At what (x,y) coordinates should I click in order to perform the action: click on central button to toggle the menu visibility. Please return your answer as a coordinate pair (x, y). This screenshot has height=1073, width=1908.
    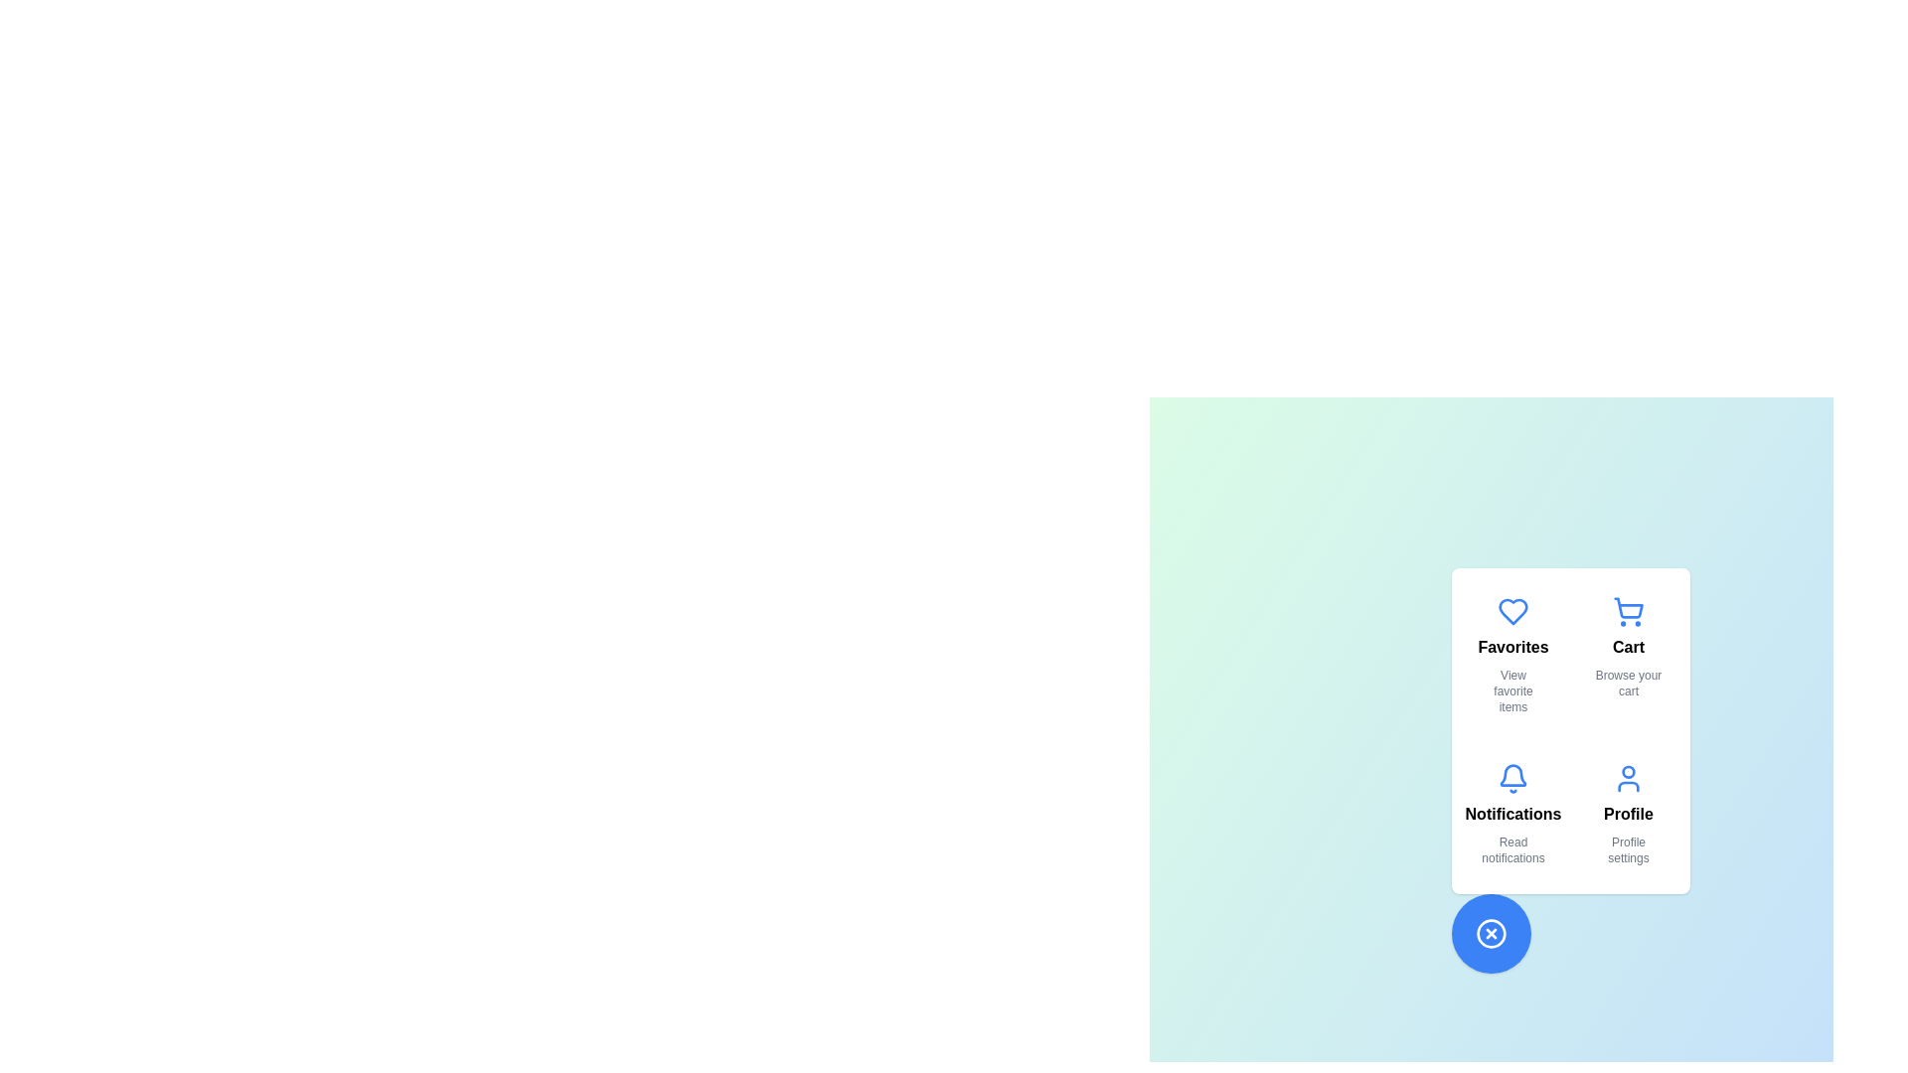
    Looking at the image, I should click on (1492, 934).